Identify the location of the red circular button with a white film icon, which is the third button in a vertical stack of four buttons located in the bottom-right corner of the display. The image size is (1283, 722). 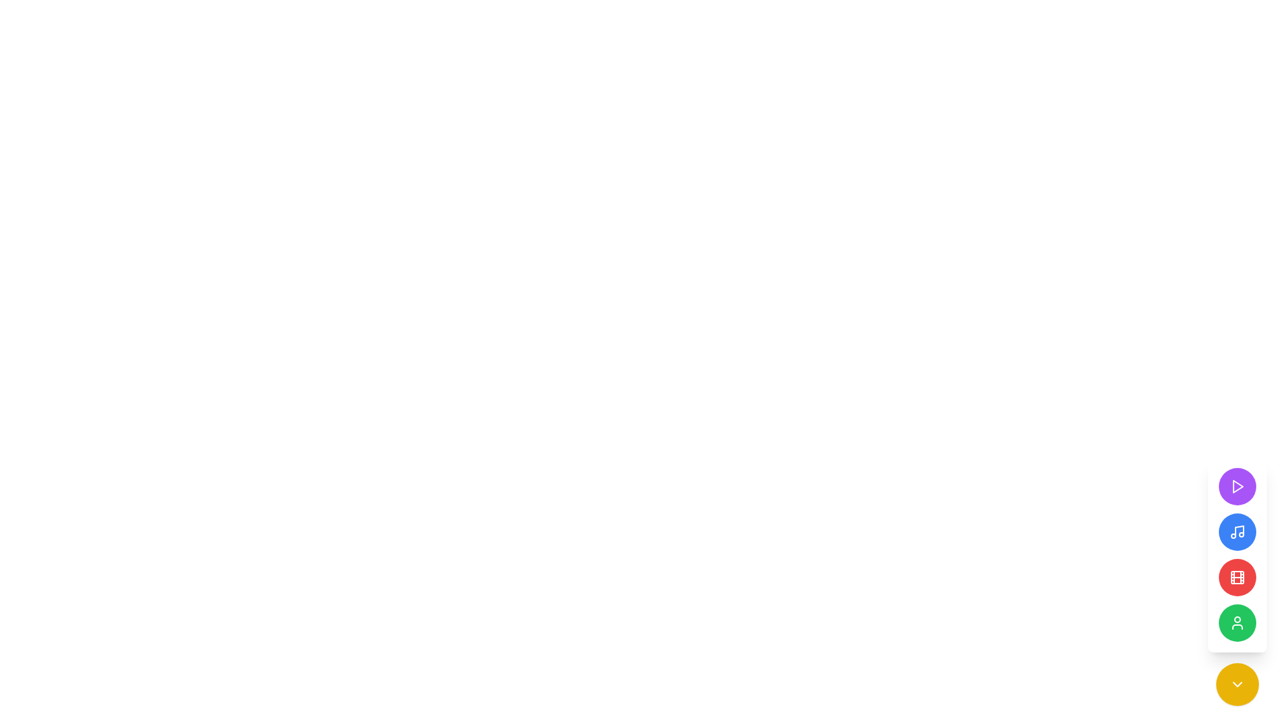
(1237, 554).